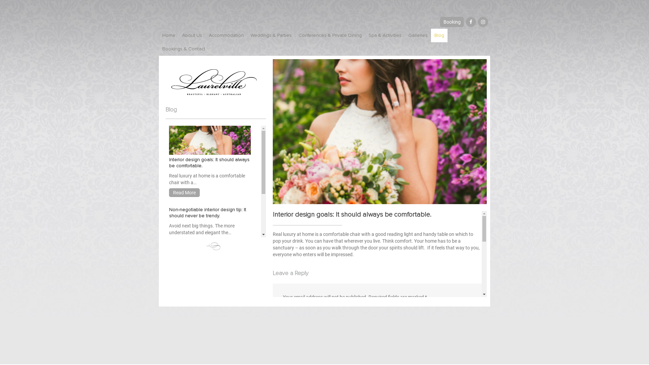  I want to click on 'Spa & Activities', so click(385, 35).